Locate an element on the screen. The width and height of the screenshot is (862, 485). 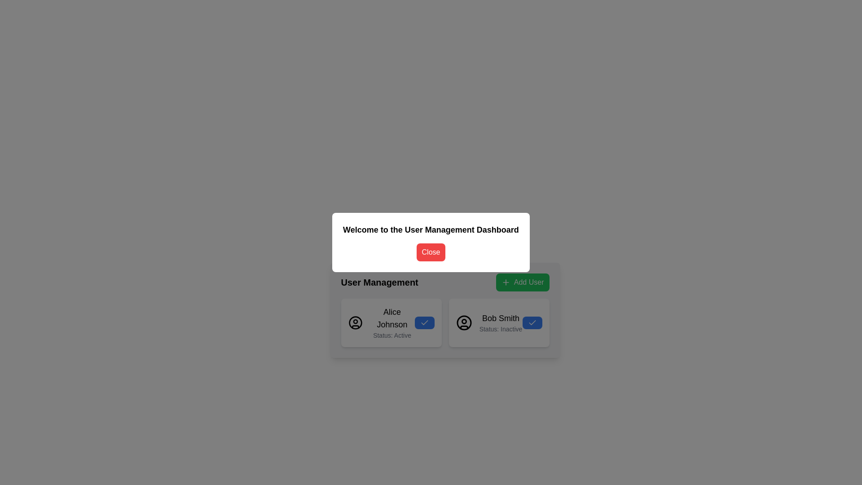
the blue button with white text and a checkmark icon located at the lower-right corner of Alice Johnson's user card is located at coordinates (424, 322).